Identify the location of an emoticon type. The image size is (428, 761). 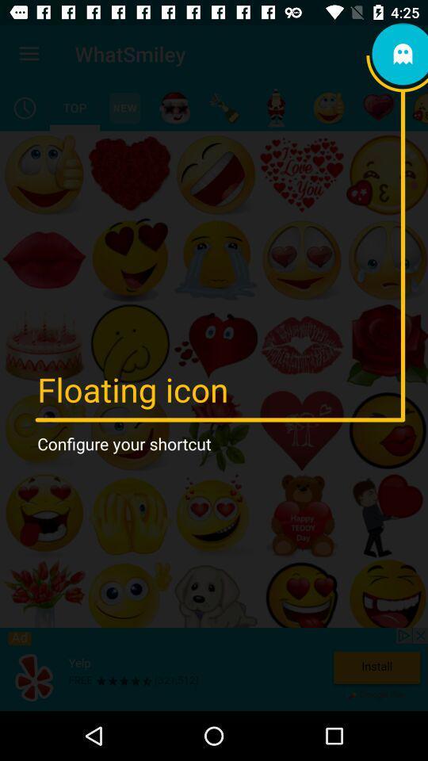
(378, 107).